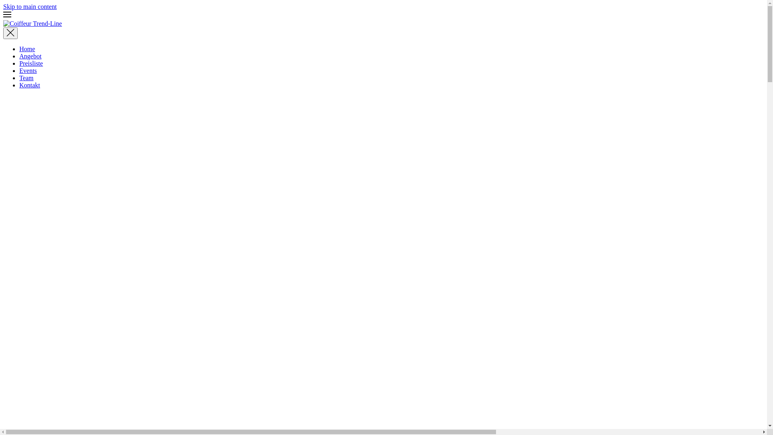 The image size is (773, 435). Describe the element at coordinates (19, 56) in the screenshot. I see `'Angebot'` at that location.